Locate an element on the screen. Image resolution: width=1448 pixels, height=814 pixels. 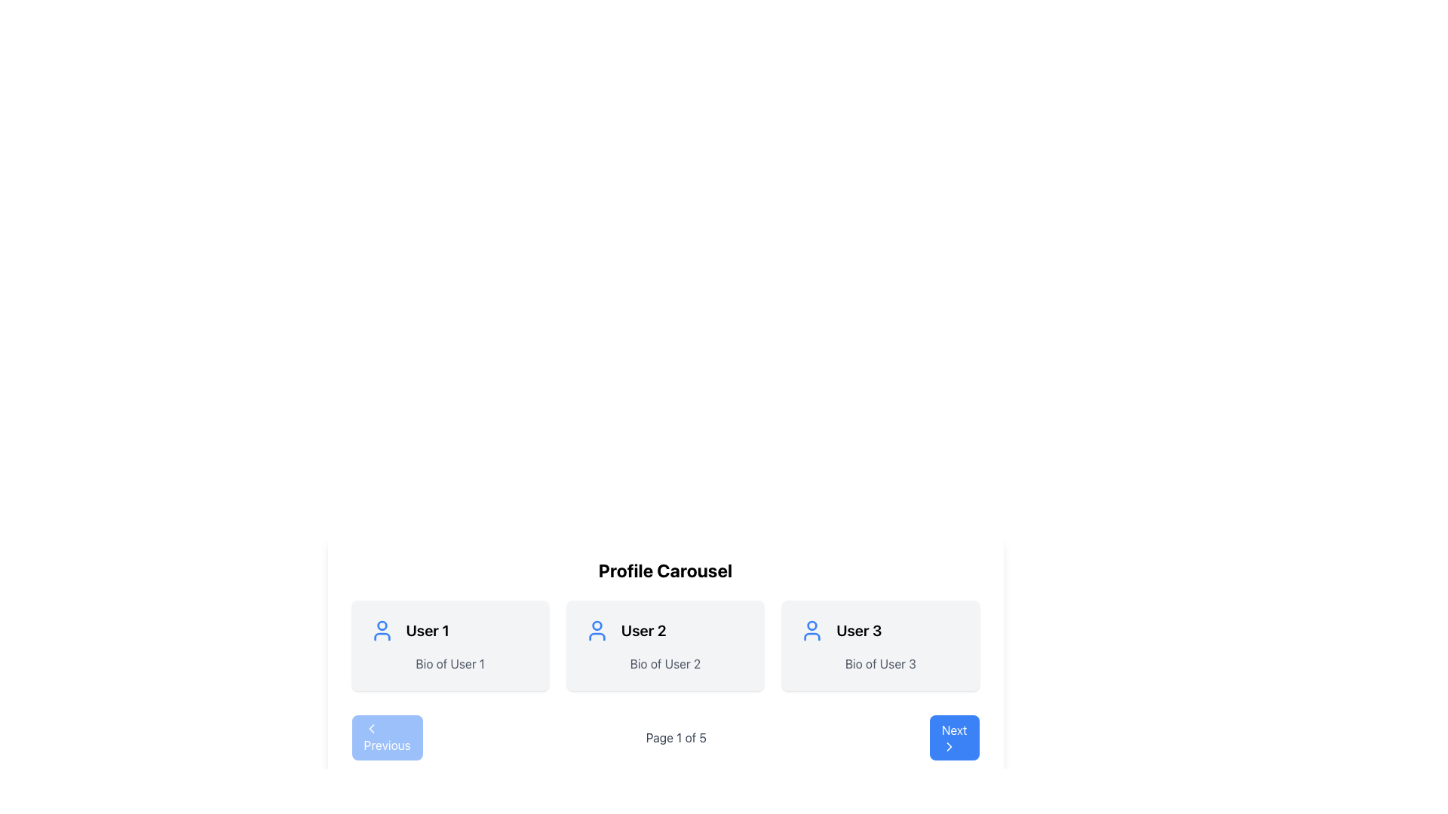
the 'User 2' text label with icon in the user profile card, which includes a circular person icon styled with a blue stroke and the text 'User 2' in large, bold font is located at coordinates (664, 631).